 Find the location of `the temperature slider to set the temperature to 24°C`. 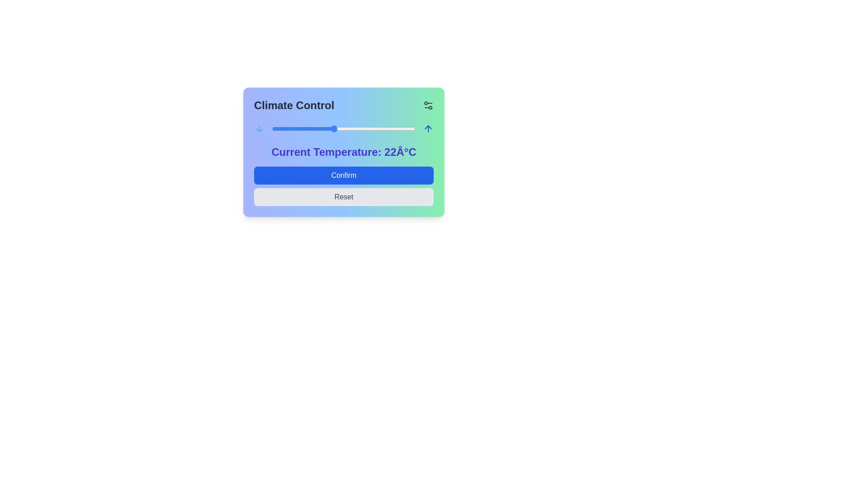

the temperature slider to set the temperature to 24°C is located at coordinates (353, 128).